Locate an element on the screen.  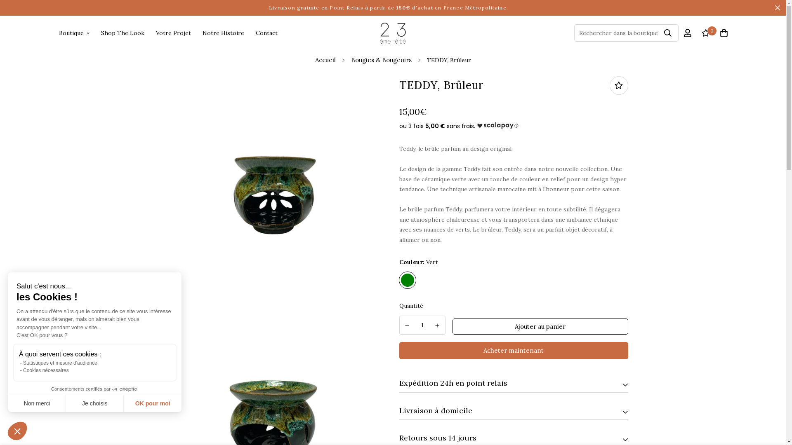
'Shop The Look' is located at coordinates (122, 33).